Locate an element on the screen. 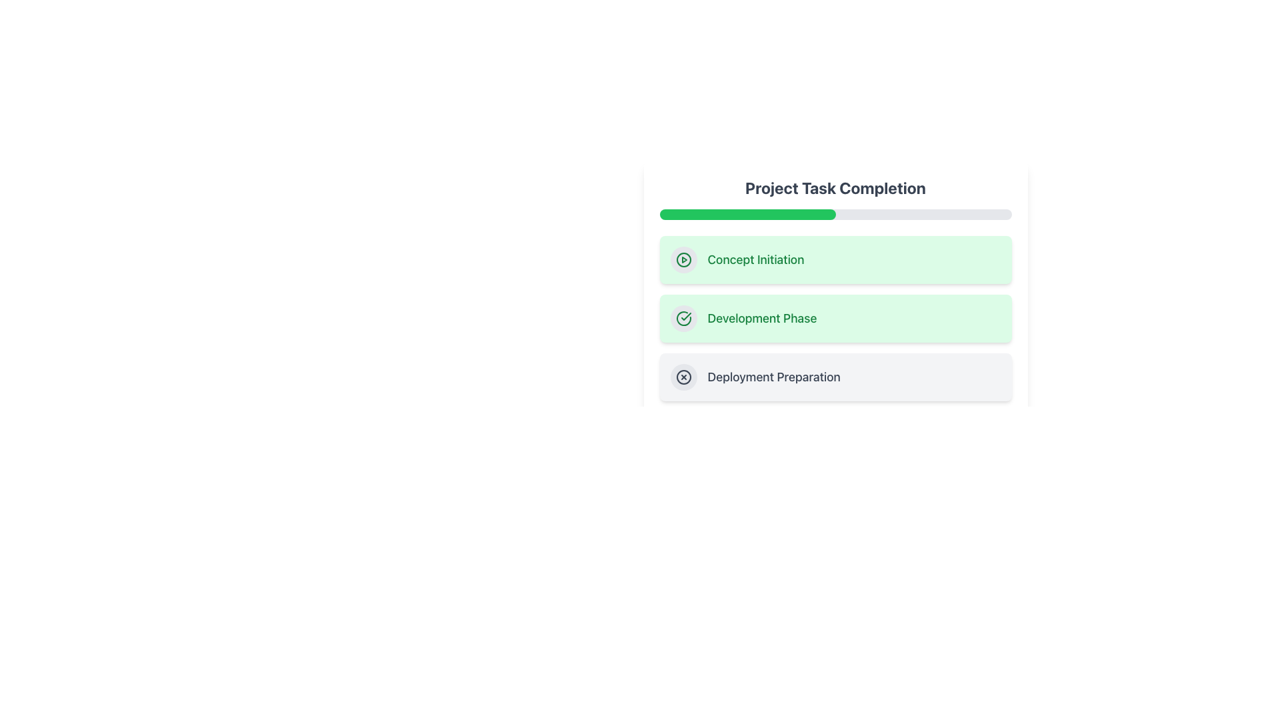 This screenshot has width=1280, height=720. the visual representation of the progress bar indicating 50% completion, located directly below the heading 'Project Task Completion' is located at coordinates (835, 213).